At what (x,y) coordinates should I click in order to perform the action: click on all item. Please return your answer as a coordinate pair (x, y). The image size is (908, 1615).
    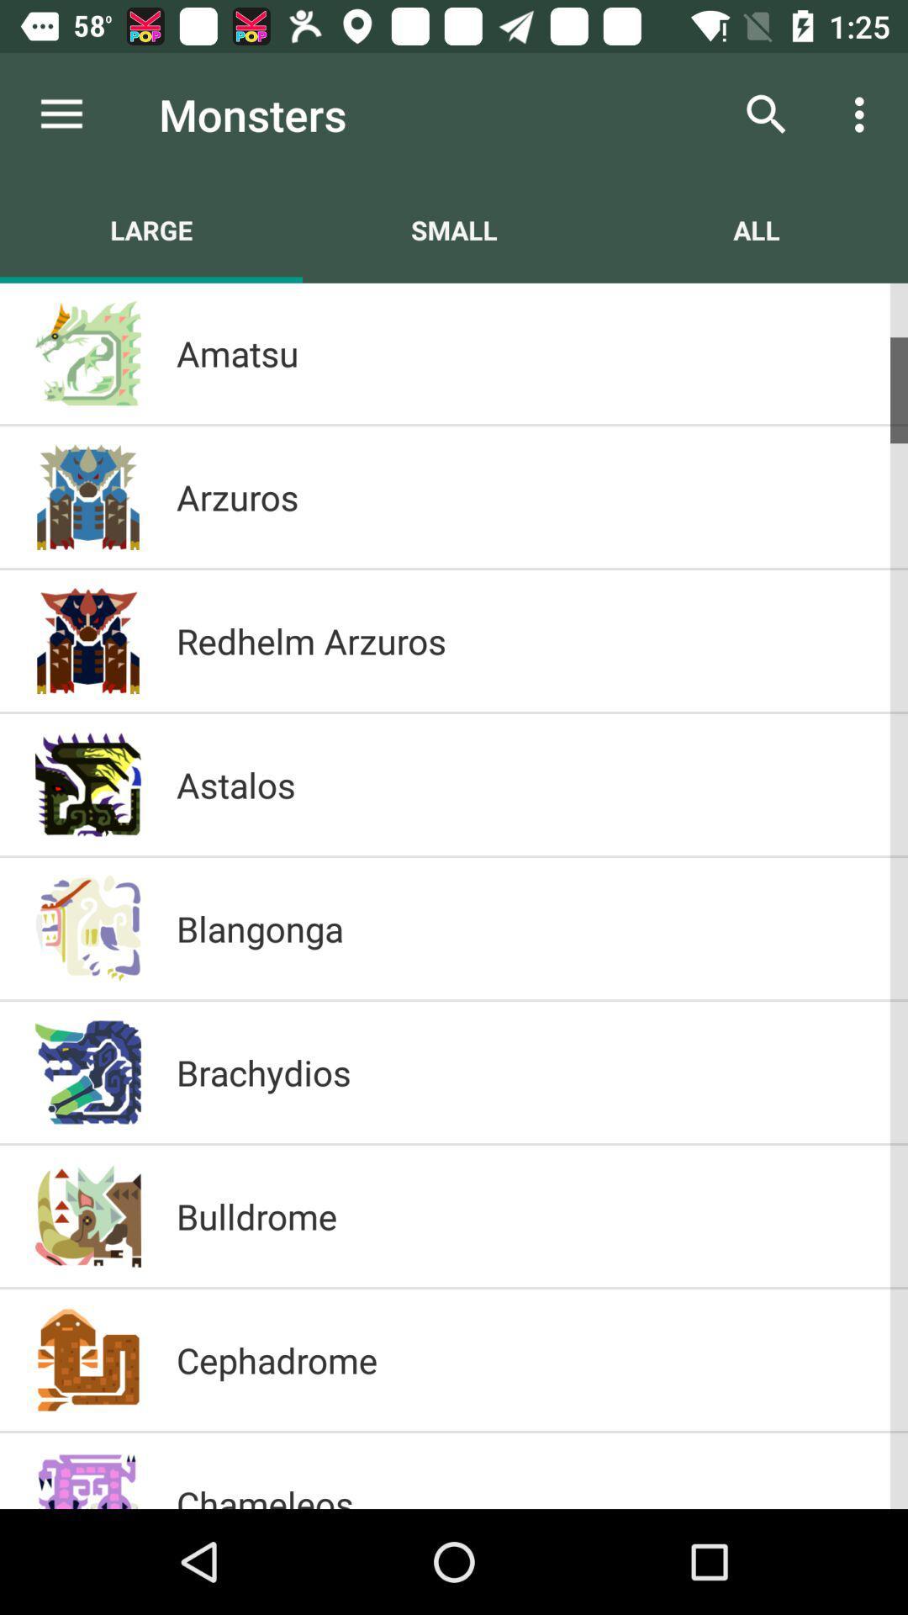
    Looking at the image, I should click on (755, 229).